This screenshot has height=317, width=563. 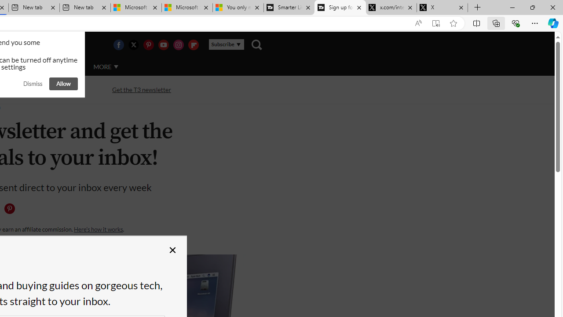 What do you see at coordinates (9, 209) in the screenshot?
I see `'Class: icon-svg'` at bounding box center [9, 209].